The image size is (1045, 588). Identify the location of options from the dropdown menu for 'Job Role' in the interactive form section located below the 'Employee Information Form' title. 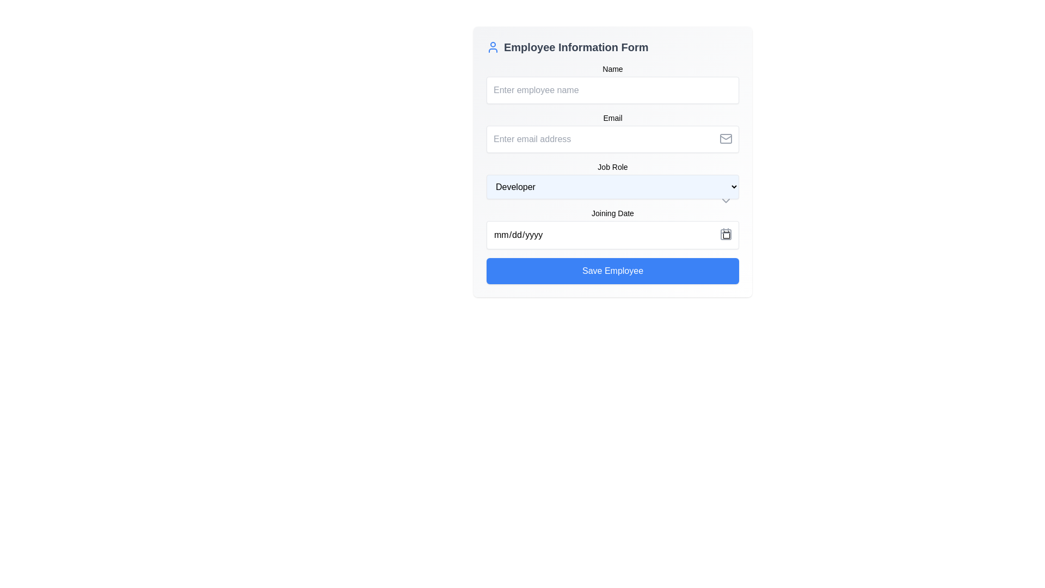
(613, 173).